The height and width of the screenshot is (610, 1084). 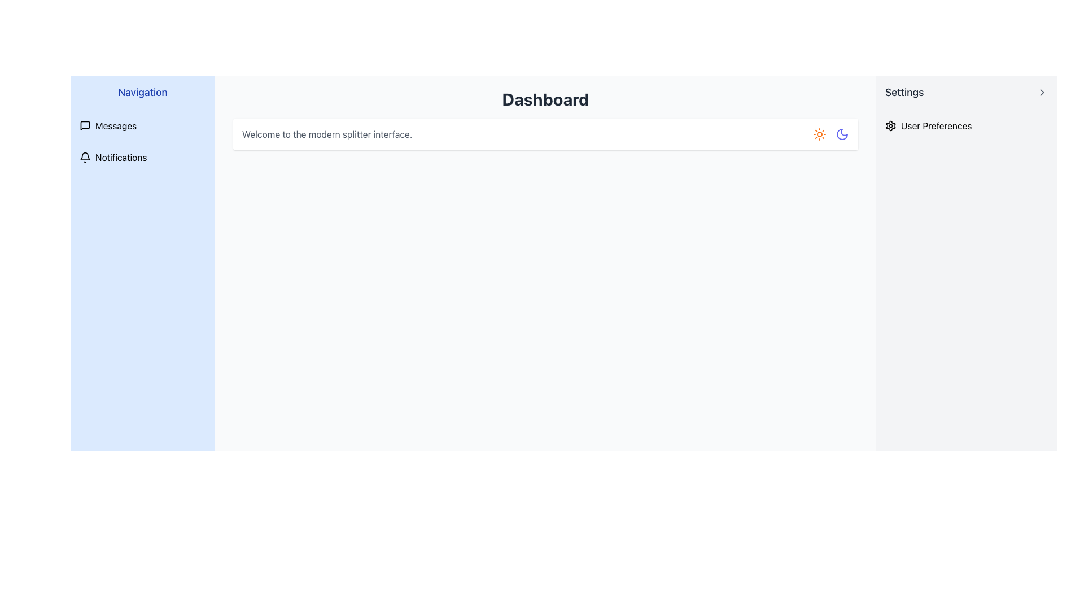 I want to click on the label displaying the text 'Welcome to the modern splitter interface.' which is centrally aligned in the upper midsection of the interface, so click(x=326, y=134).